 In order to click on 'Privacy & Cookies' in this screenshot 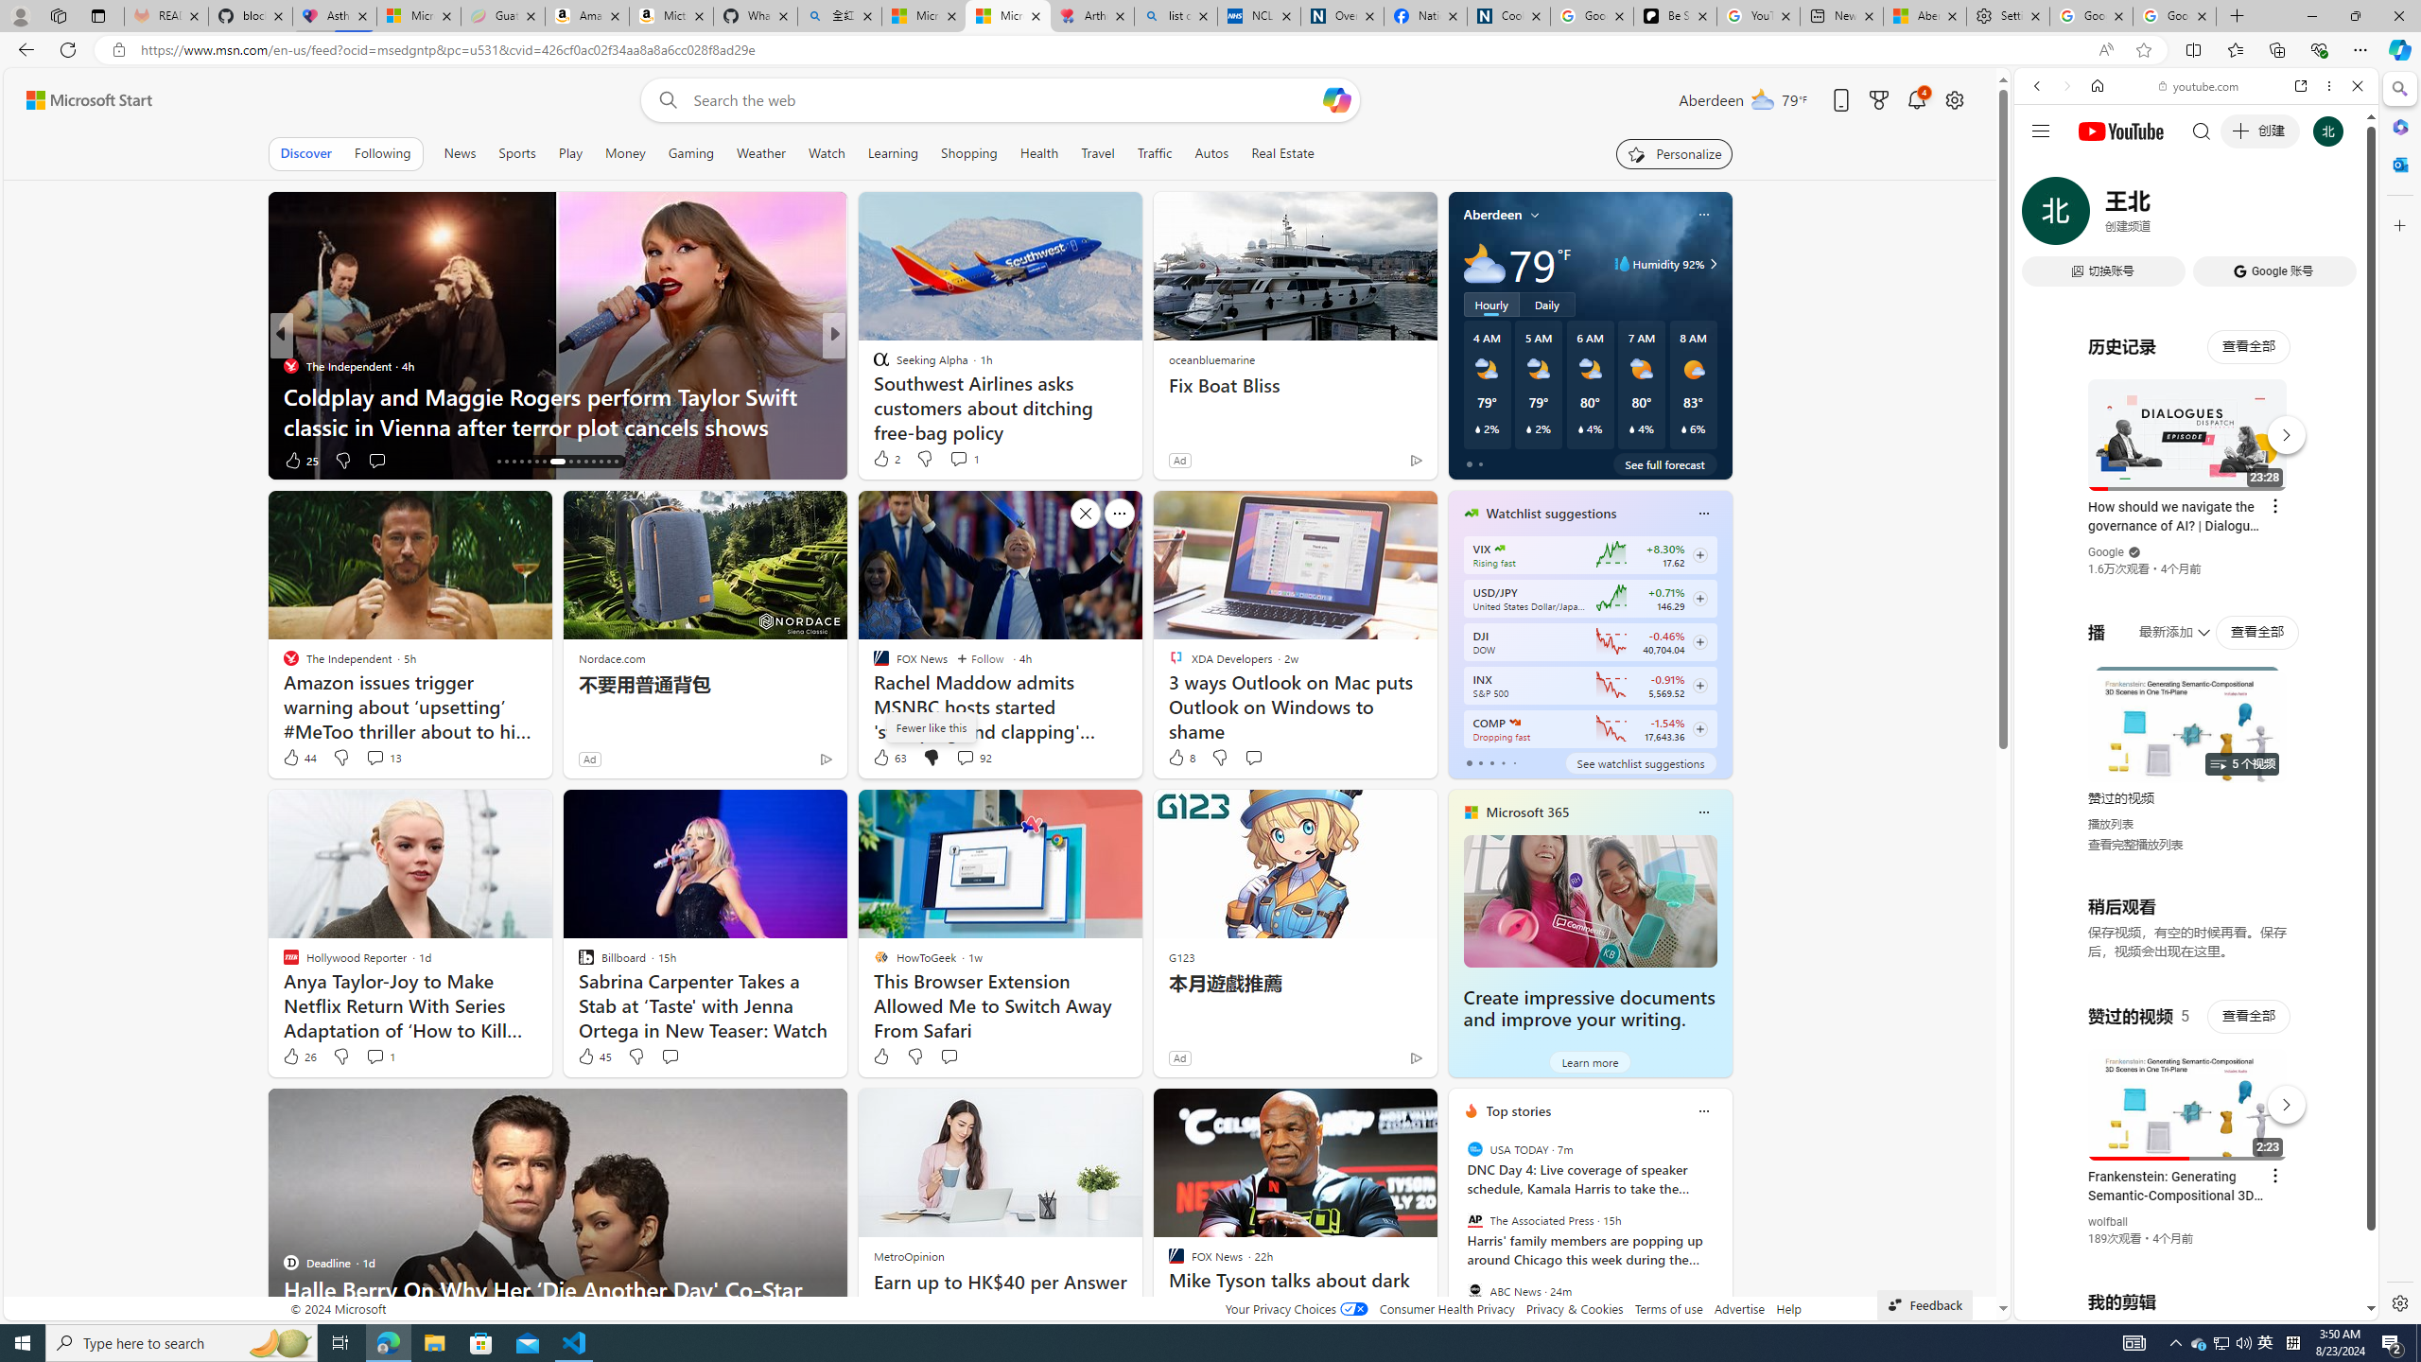, I will do `click(1574, 1307)`.